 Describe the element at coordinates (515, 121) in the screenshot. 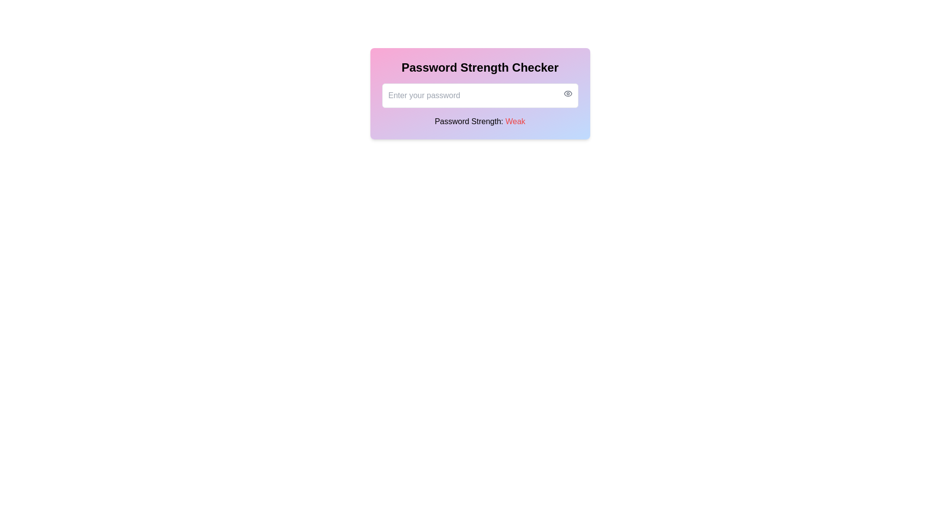

I see `the TextLabel element displaying 'Weak' in bold red font, which indicates password strength feedback` at that location.